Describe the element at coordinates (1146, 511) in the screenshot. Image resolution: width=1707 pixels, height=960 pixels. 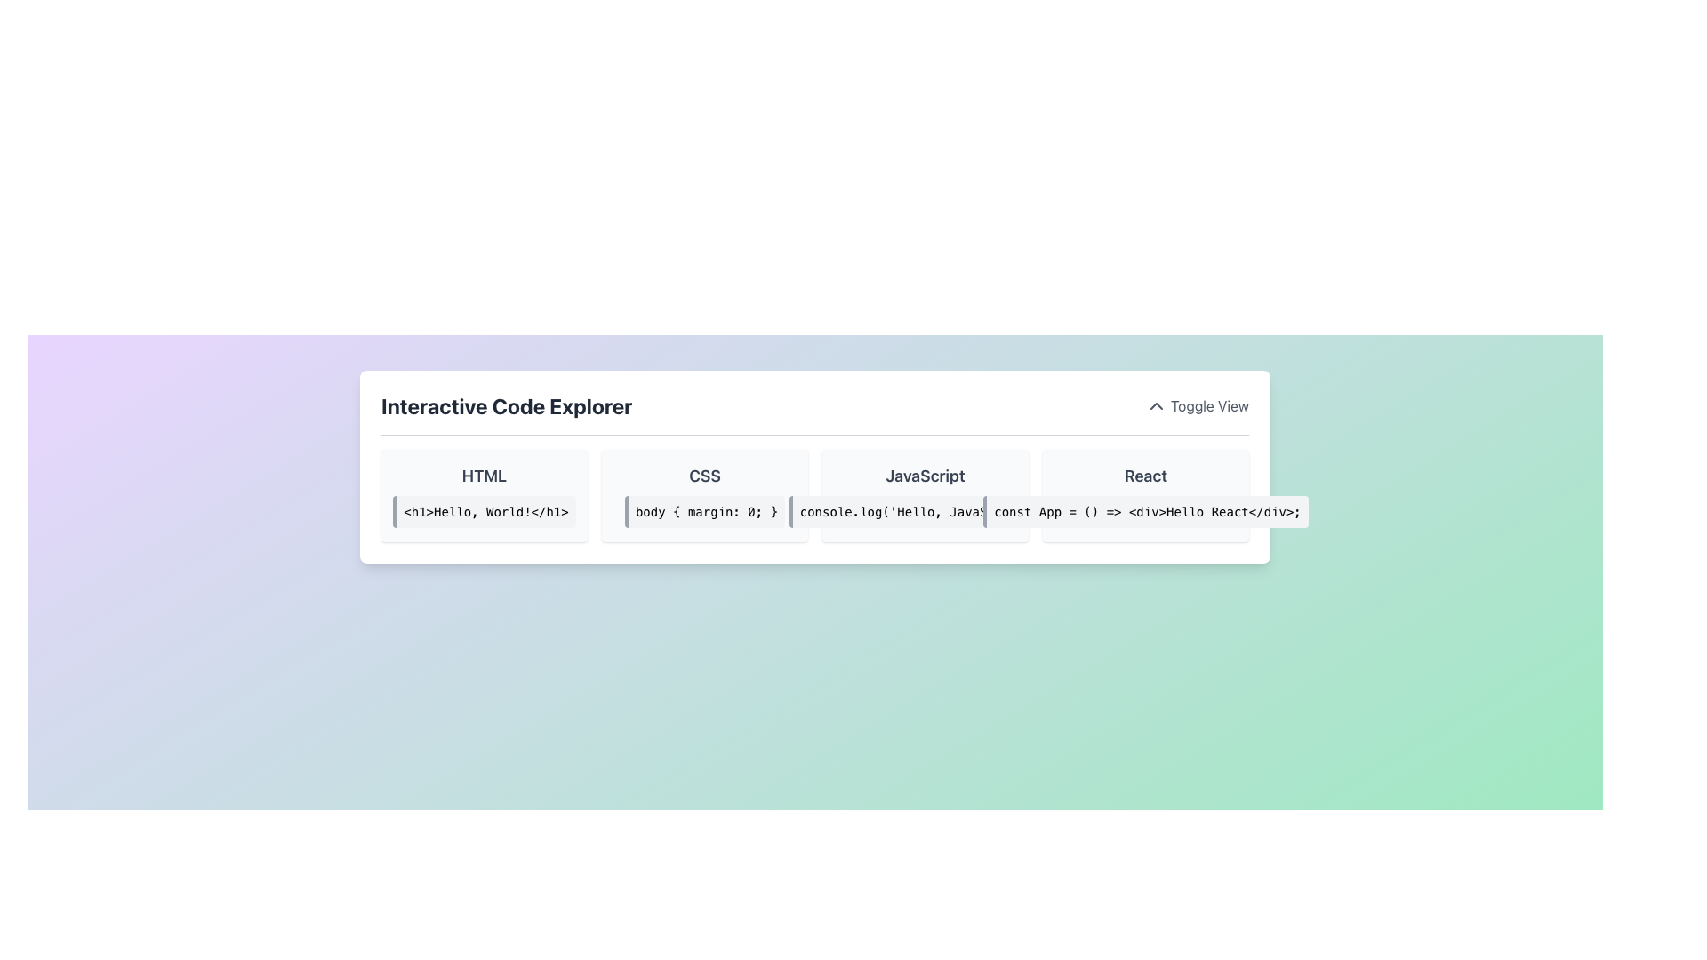
I see `the text displayed in the code snippet styled as code, which reads 'const App = () => <div>Hello React</div>;', located in the 'React' column of the code editor interface` at that location.